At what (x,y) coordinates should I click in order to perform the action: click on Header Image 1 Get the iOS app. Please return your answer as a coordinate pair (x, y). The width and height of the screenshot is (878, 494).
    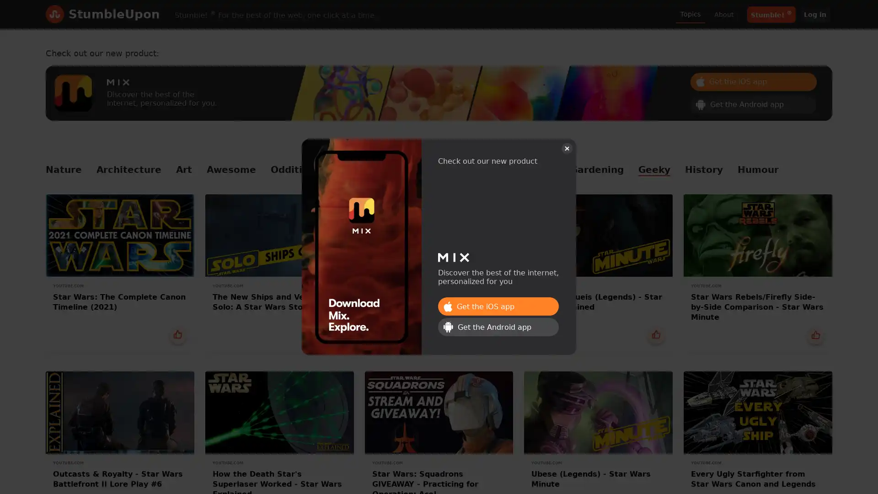
    Looking at the image, I should click on (498, 306).